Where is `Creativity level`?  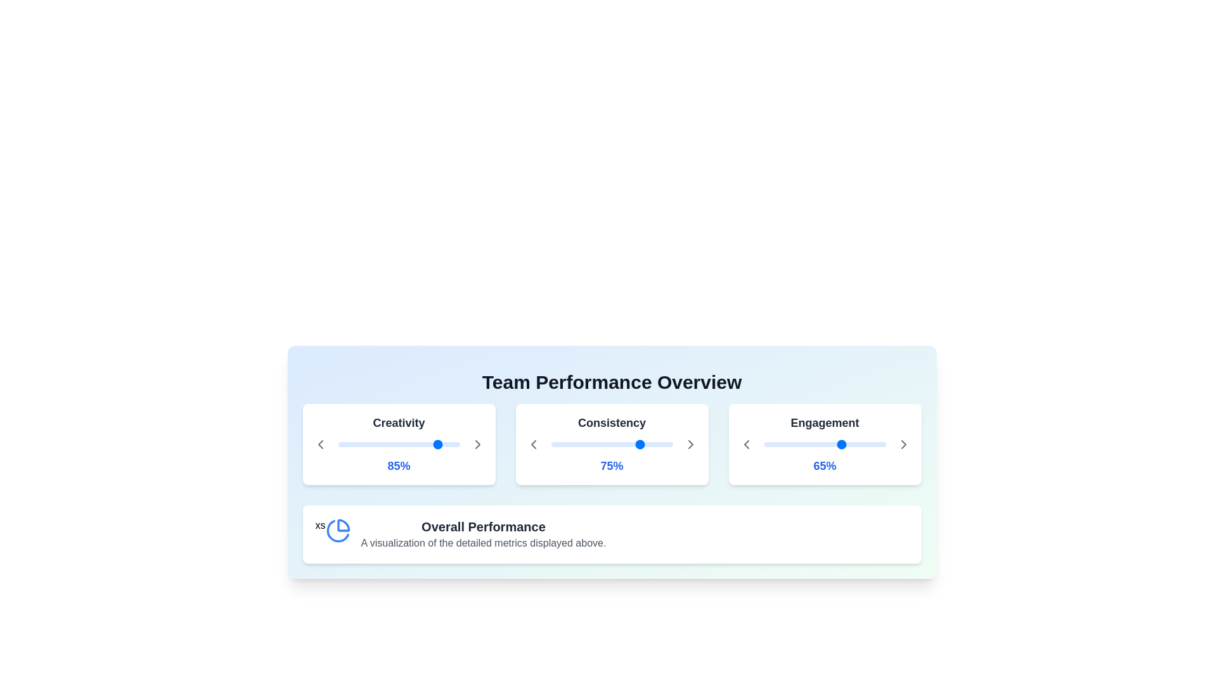
Creativity level is located at coordinates (416, 444).